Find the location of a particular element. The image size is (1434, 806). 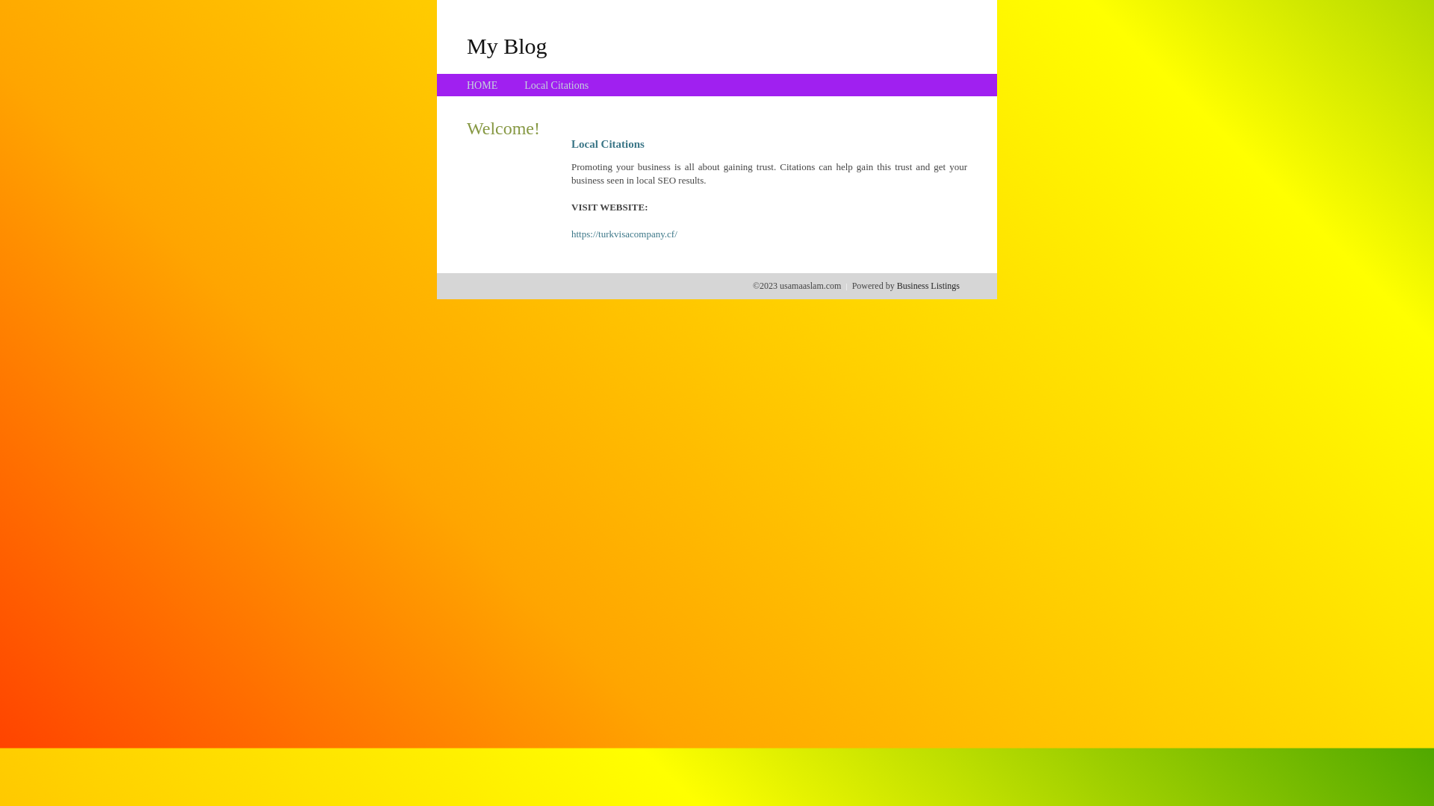

'Local Citations' is located at coordinates (555, 85).